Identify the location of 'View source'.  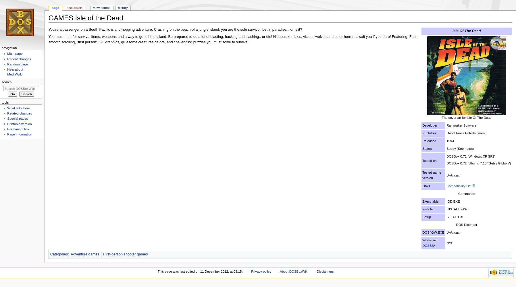
(93, 8).